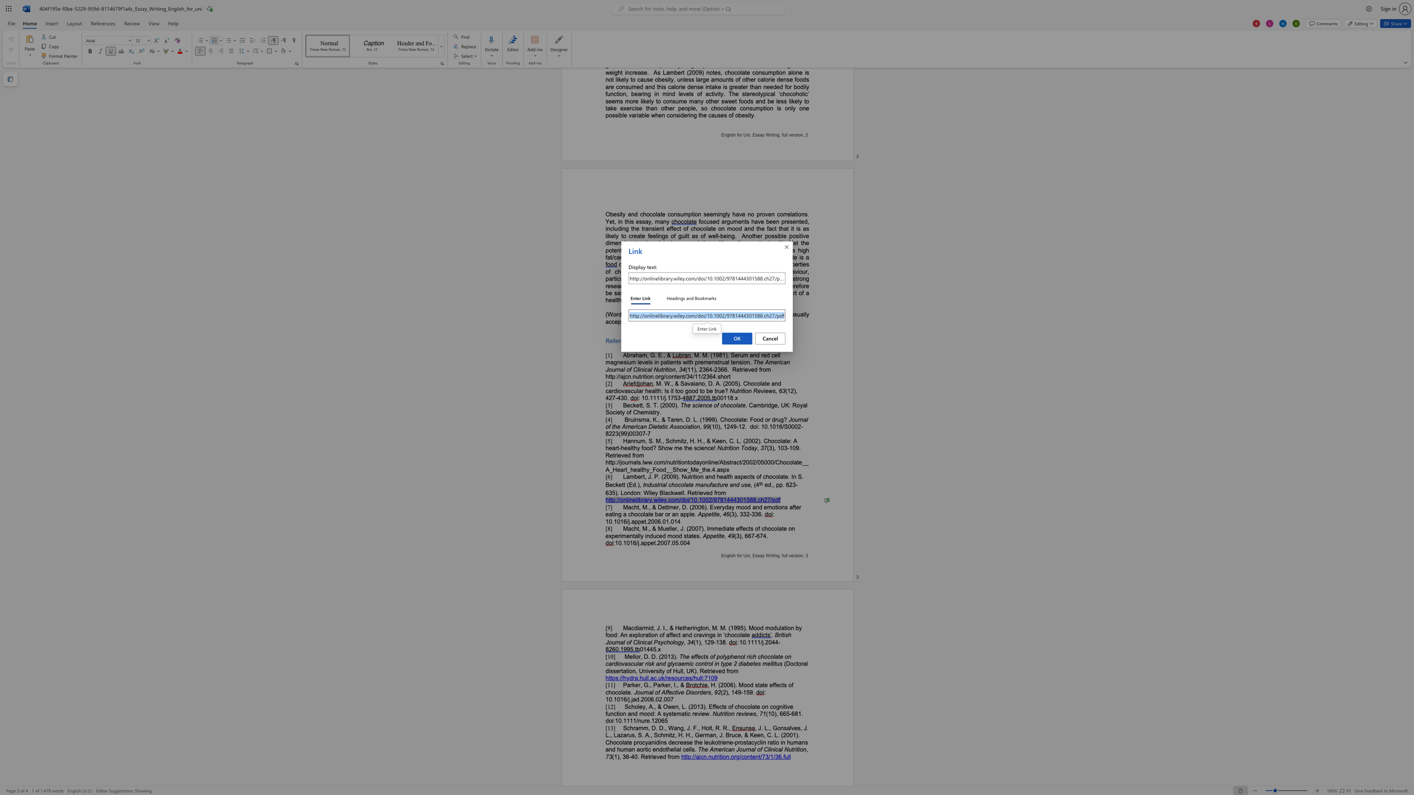 Image resolution: width=1414 pixels, height=795 pixels. I want to click on the 1th character "a" in the text, so click(753, 706).